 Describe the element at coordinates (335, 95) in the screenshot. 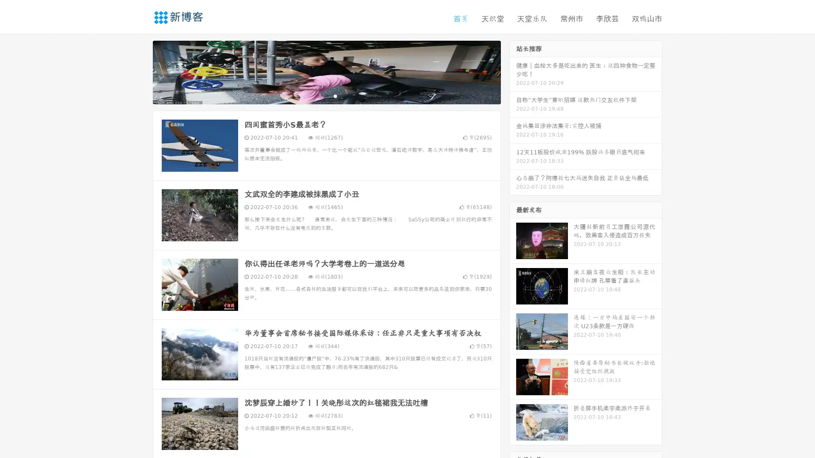

I see `Go to slide 3` at that location.